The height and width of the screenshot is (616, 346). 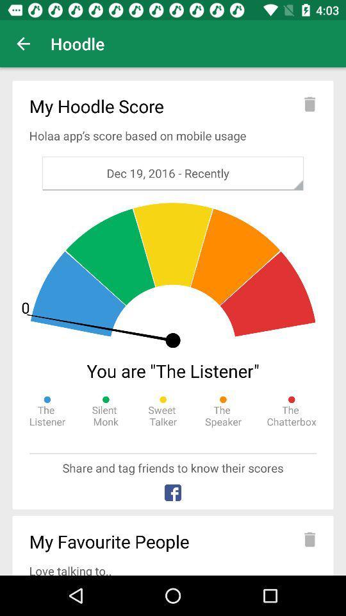 I want to click on delete, so click(x=309, y=103).